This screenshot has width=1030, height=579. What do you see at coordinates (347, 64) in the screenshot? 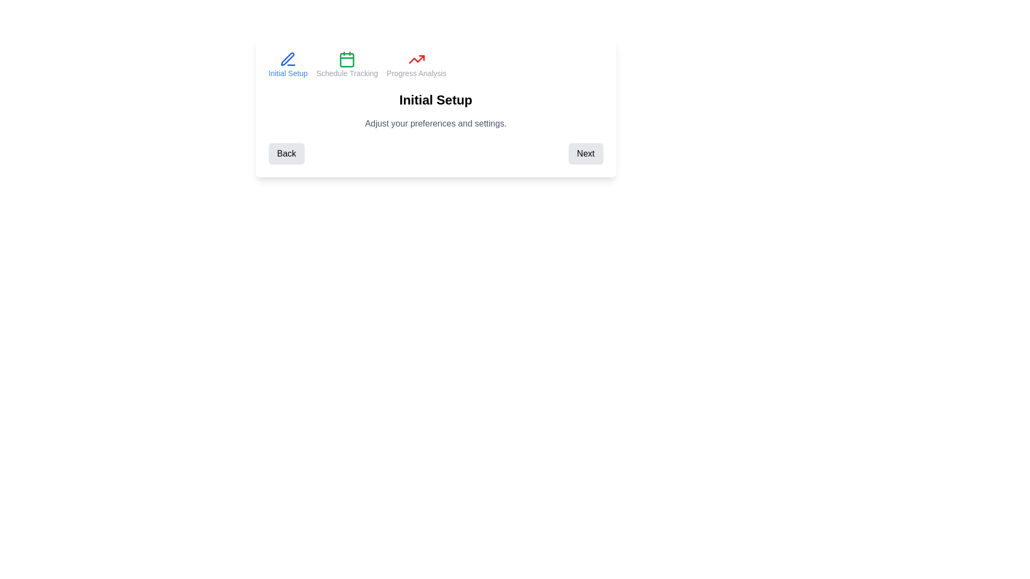
I see `the milestone icon for Schedule Tracking` at bounding box center [347, 64].